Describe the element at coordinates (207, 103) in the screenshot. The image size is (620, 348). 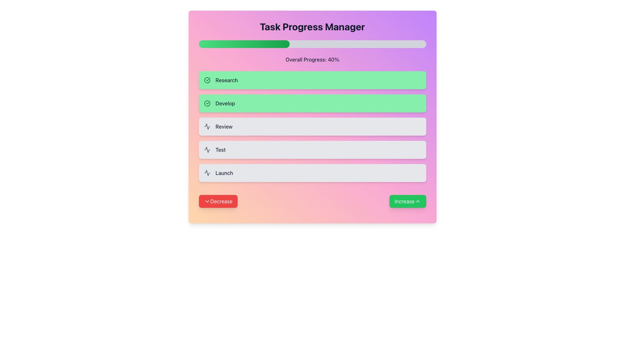
I see `the status indicator icon located to the far-left side of the 'Develop' section, aligned with the text label 'Develop'` at that location.